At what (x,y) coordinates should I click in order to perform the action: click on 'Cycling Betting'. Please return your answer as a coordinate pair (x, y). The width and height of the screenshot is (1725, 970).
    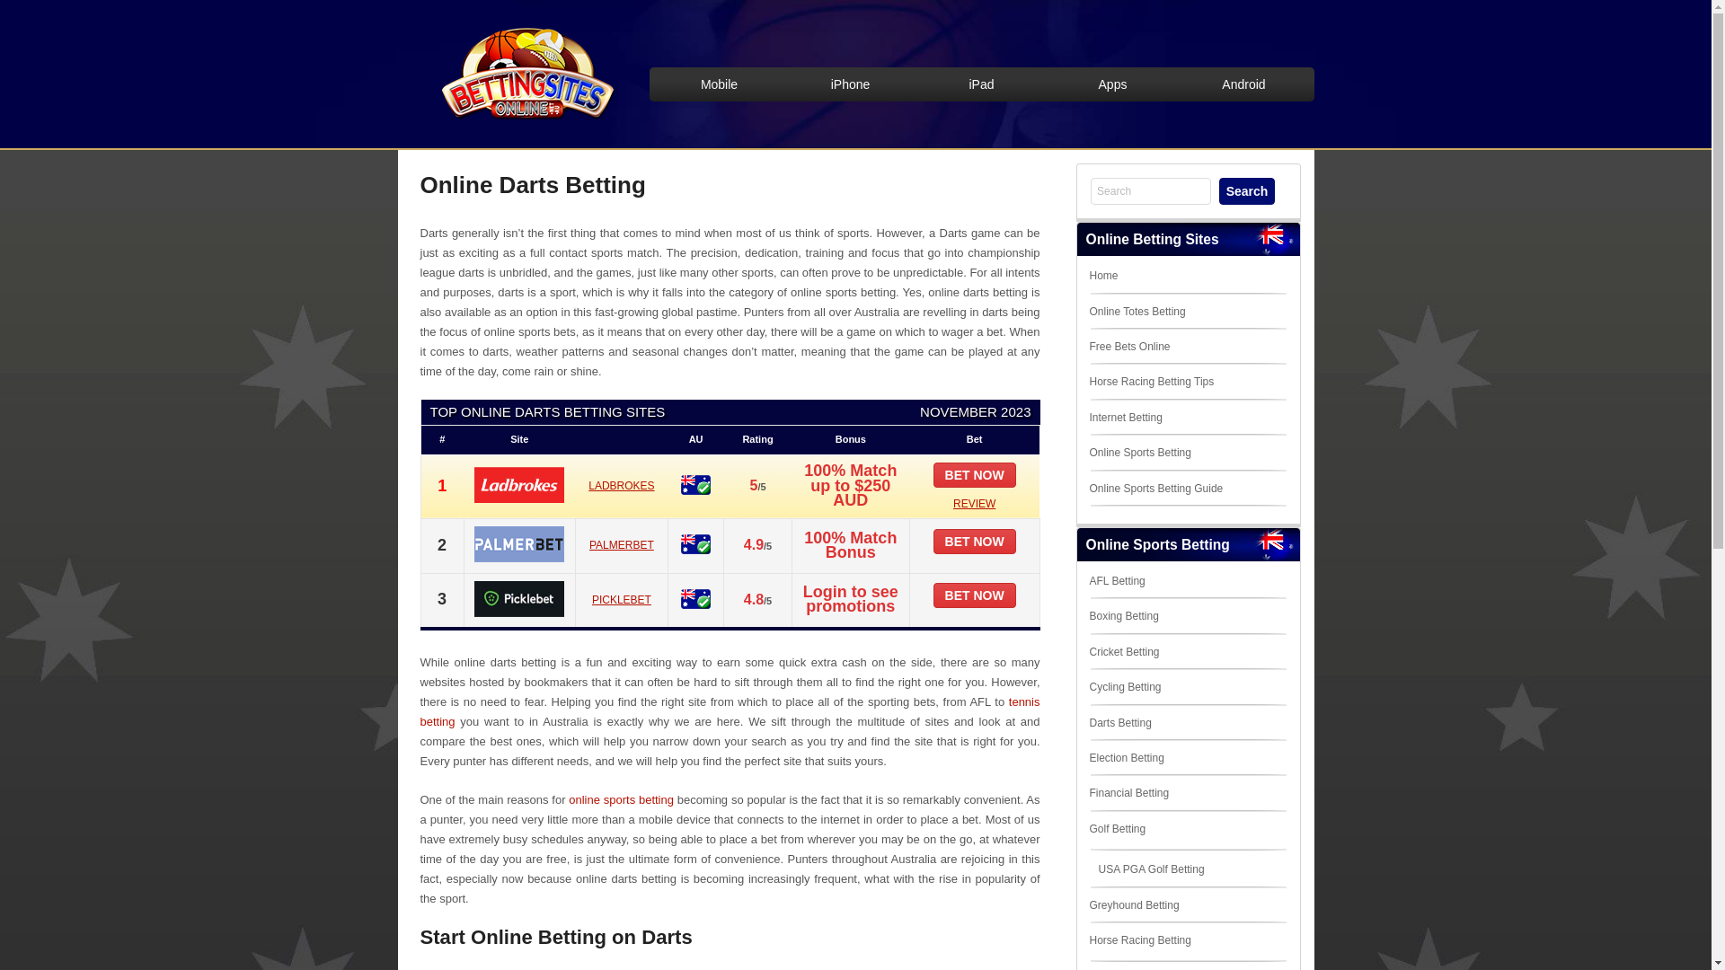
    Looking at the image, I should click on (1124, 686).